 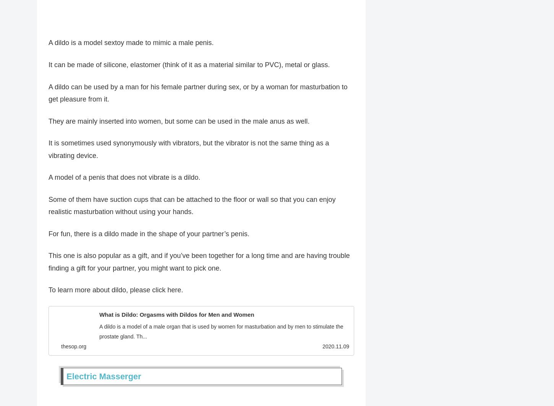 What do you see at coordinates (73, 350) in the screenshot?
I see `'thesop.org'` at bounding box center [73, 350].